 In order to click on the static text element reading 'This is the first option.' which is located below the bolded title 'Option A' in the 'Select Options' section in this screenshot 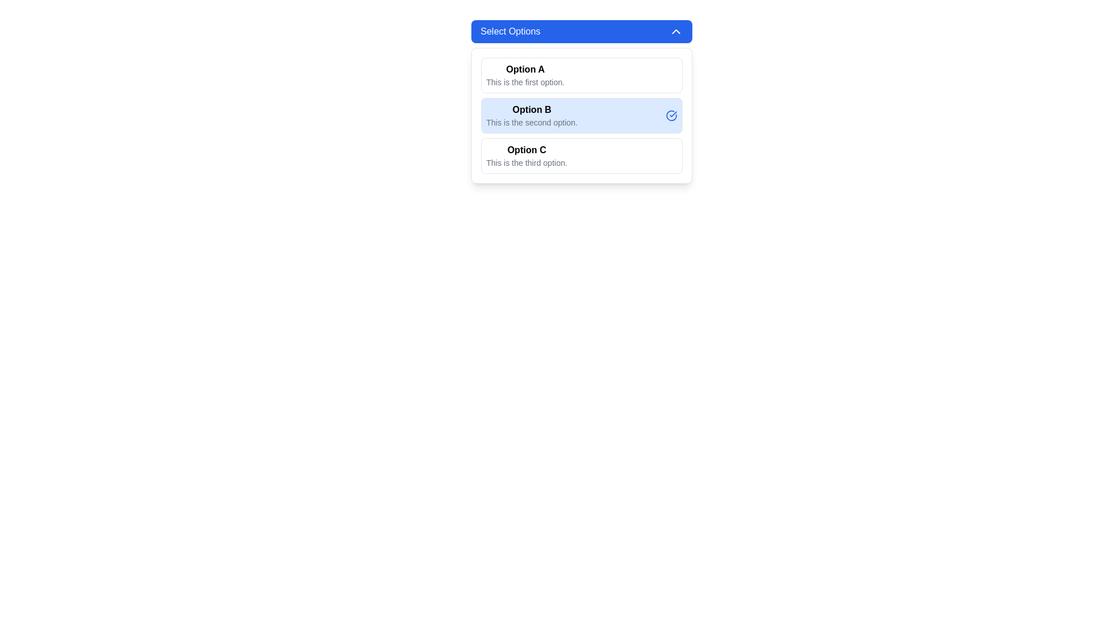, I will do `click(525, 81)`.